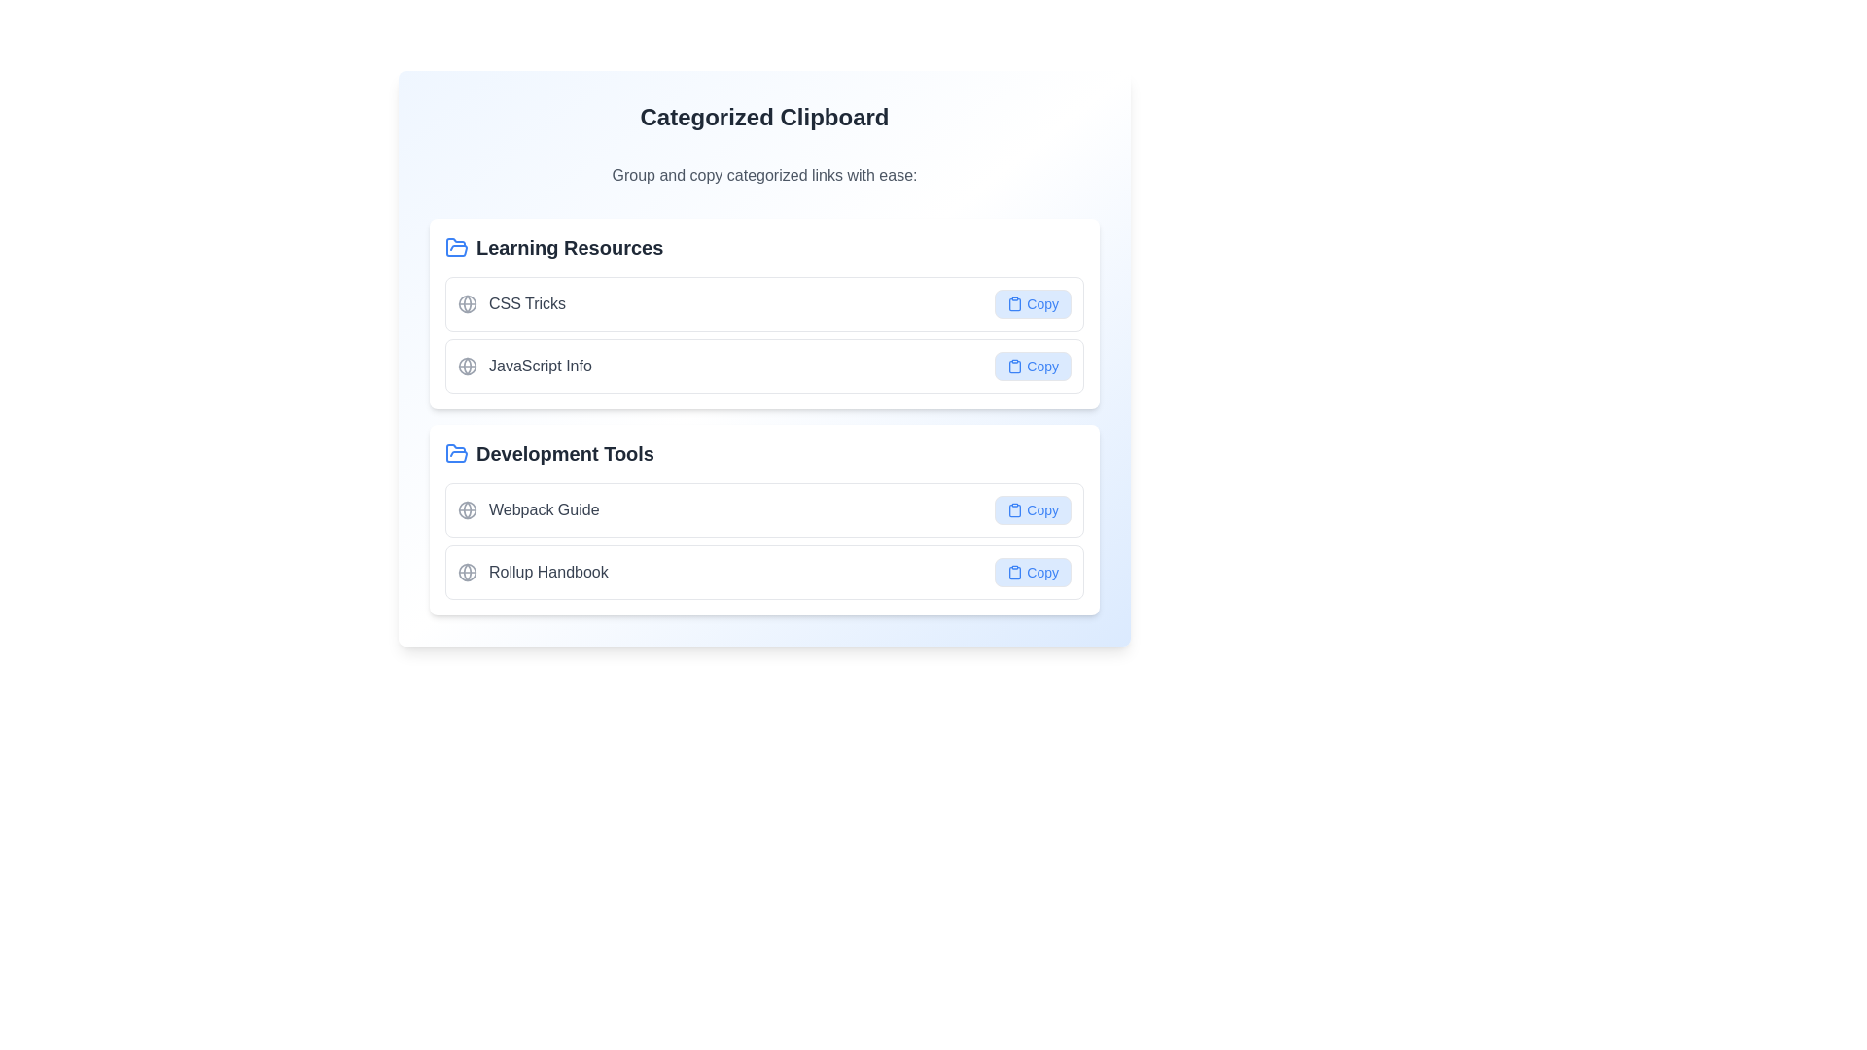 The height and width of the screenshot is (1050, 1867). I want to click on the clipboard icon located to the left of the 'Copy' text label in the last entry of the 'Development Tools' section, so click(1014, 508).